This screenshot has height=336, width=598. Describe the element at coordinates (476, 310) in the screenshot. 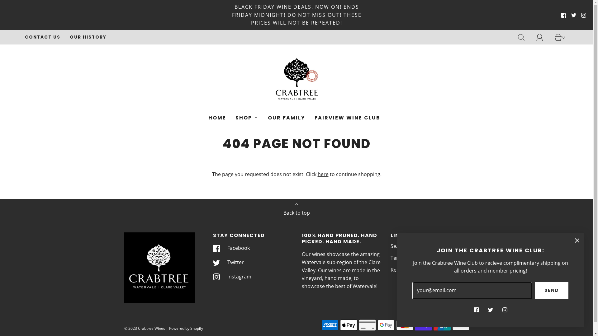

I see `'Facebook icon'` at that location.